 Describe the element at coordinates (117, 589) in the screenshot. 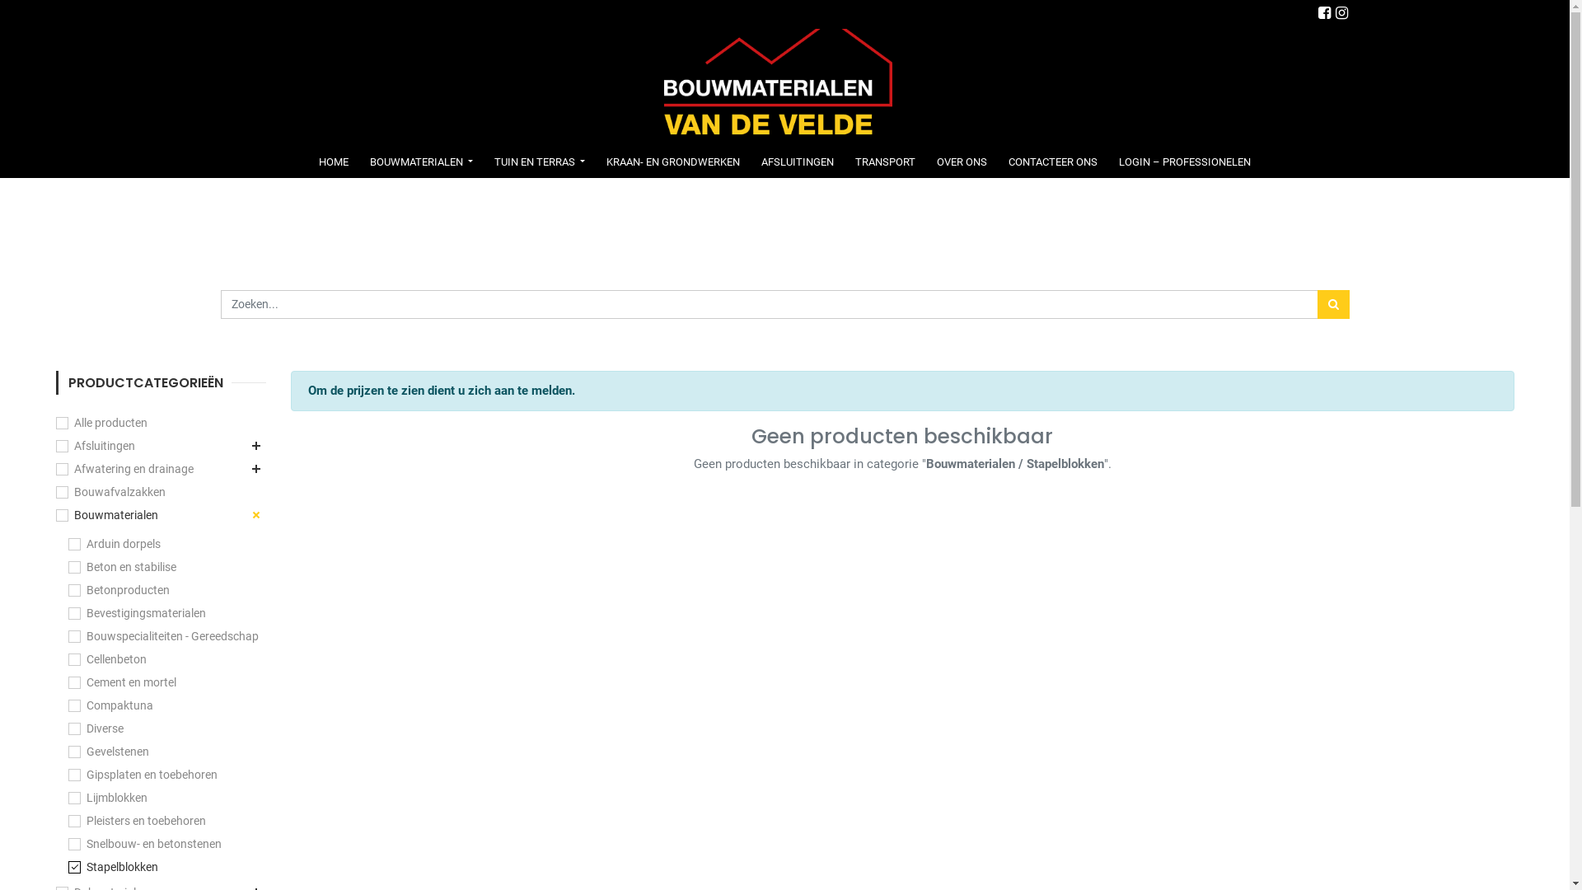

I see `'Betonproducten'` at that location.